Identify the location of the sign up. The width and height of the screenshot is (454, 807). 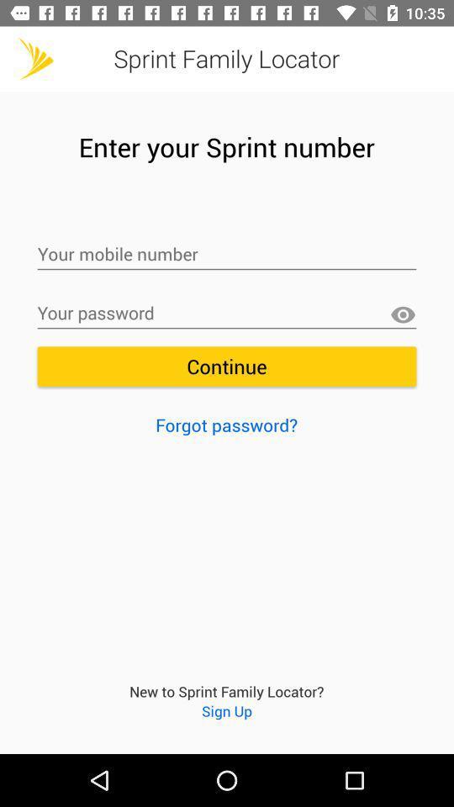
(227, 709).